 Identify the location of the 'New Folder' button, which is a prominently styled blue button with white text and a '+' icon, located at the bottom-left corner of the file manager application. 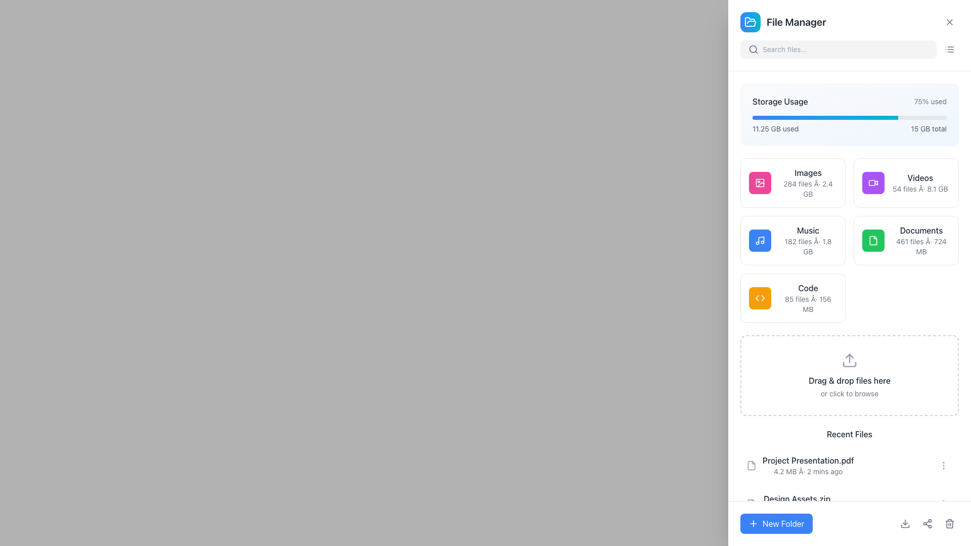
(776, 523).